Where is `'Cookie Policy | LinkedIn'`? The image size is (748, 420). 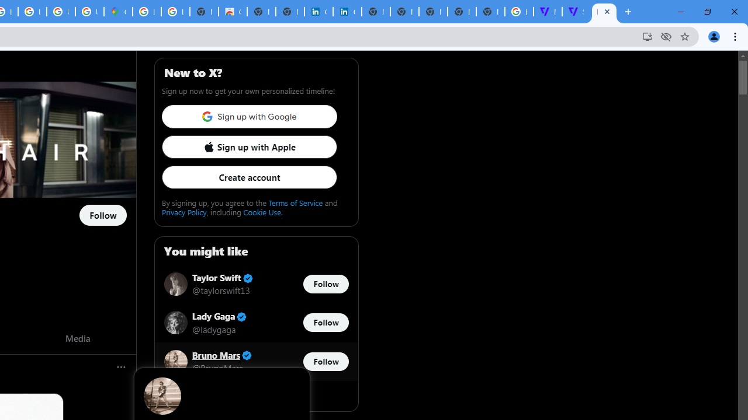
'Cookie Policy | LinkedIn' is located at coordinates (347, 12).